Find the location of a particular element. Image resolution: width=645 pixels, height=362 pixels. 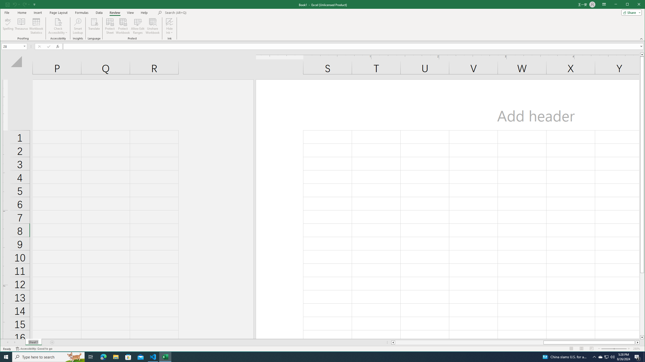

'View' is located at coordinates (130, 12).